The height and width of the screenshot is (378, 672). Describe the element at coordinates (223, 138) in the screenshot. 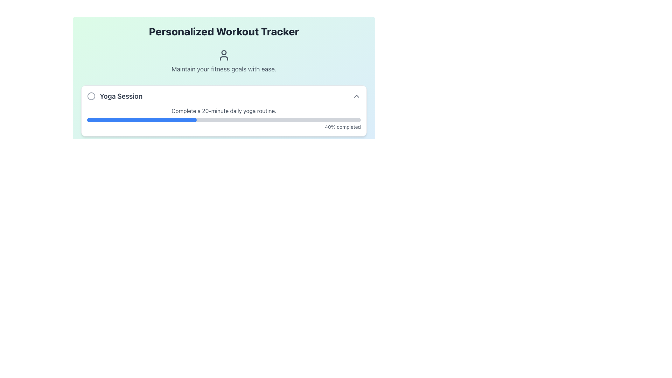

I see `the first Card Widget that displays the task 'Yoga Session' in the 'Personalized Workout Tracker' section` at that location.